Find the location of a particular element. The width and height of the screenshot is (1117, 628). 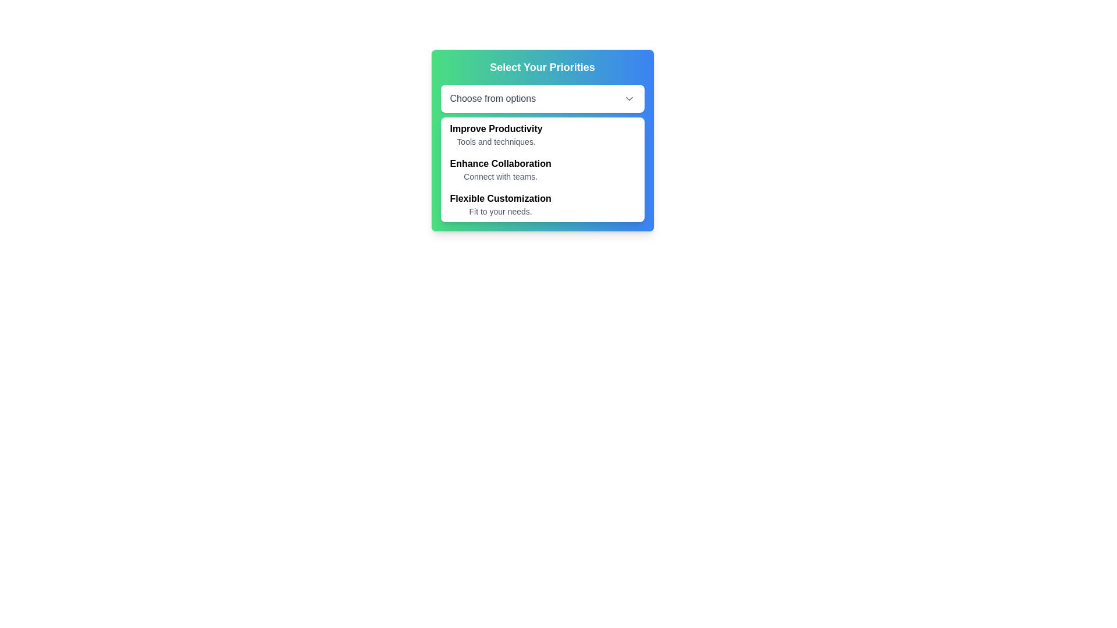

bolded text string 'Improve Productivity' located in the upper section of the dropdown below 'Select Your Priorities' is located at coordinates (496, 129).